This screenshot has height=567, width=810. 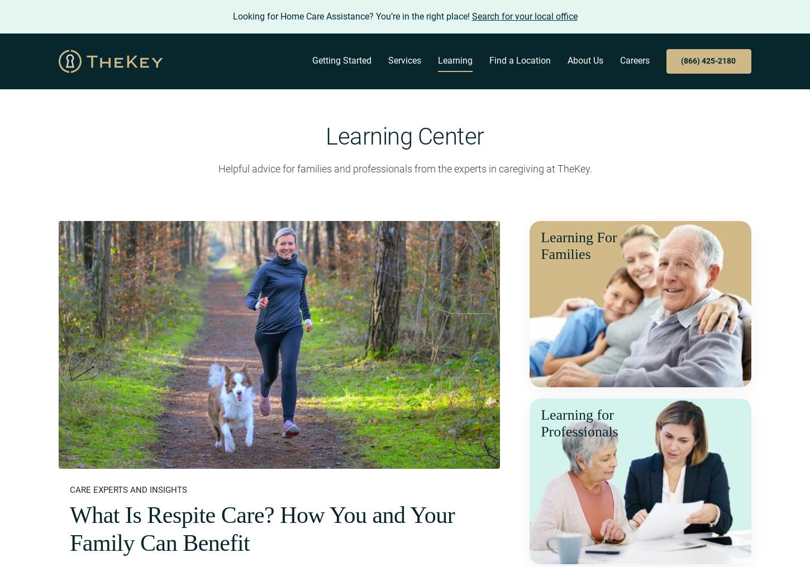 What do you see at coordinates (351, 15) in the screenshot?
I see `'Looking for Home Care Assistance? You’re in the right place!'` at bounding box center [351, 15].